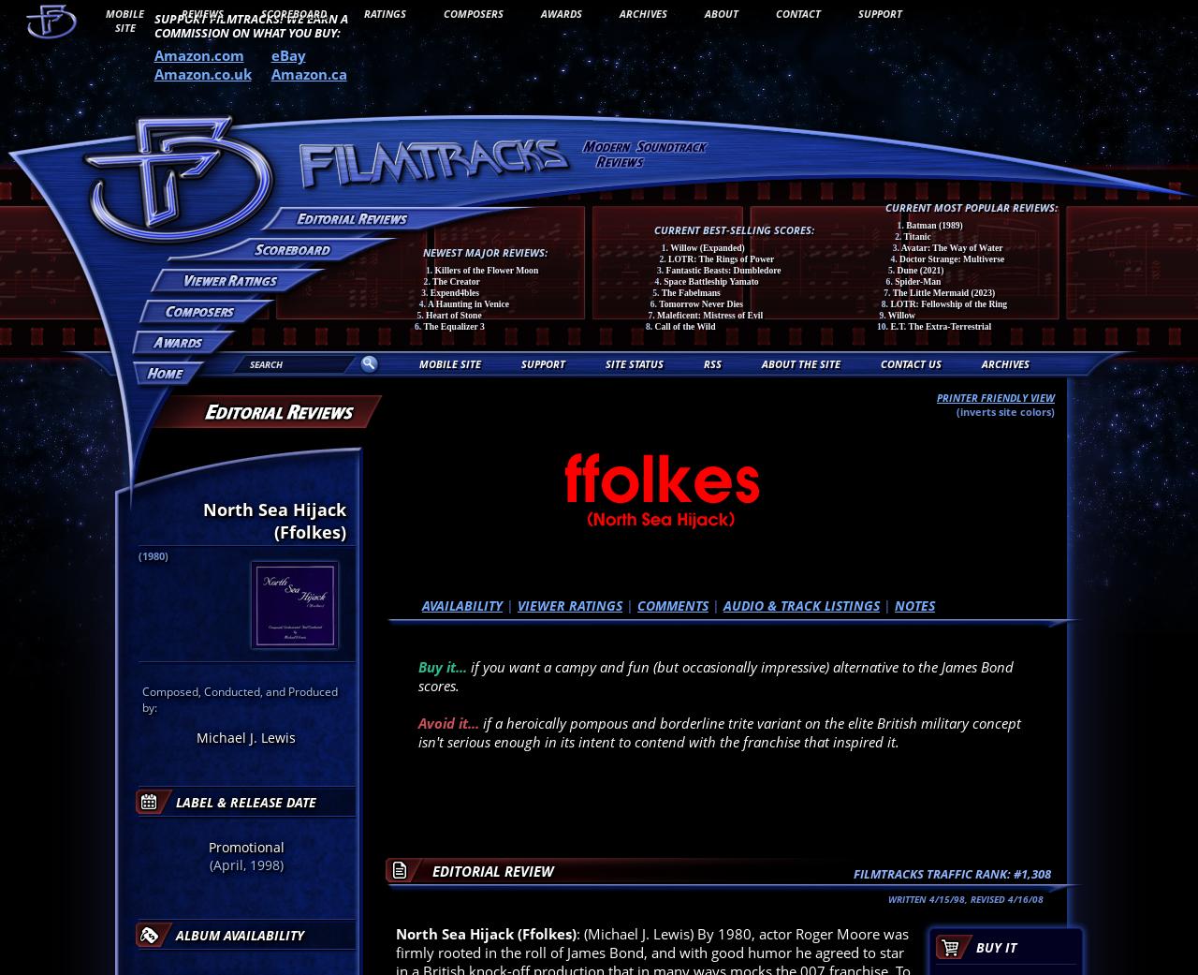  I want to click on 'The Equalizer 3', so click(453, 326).